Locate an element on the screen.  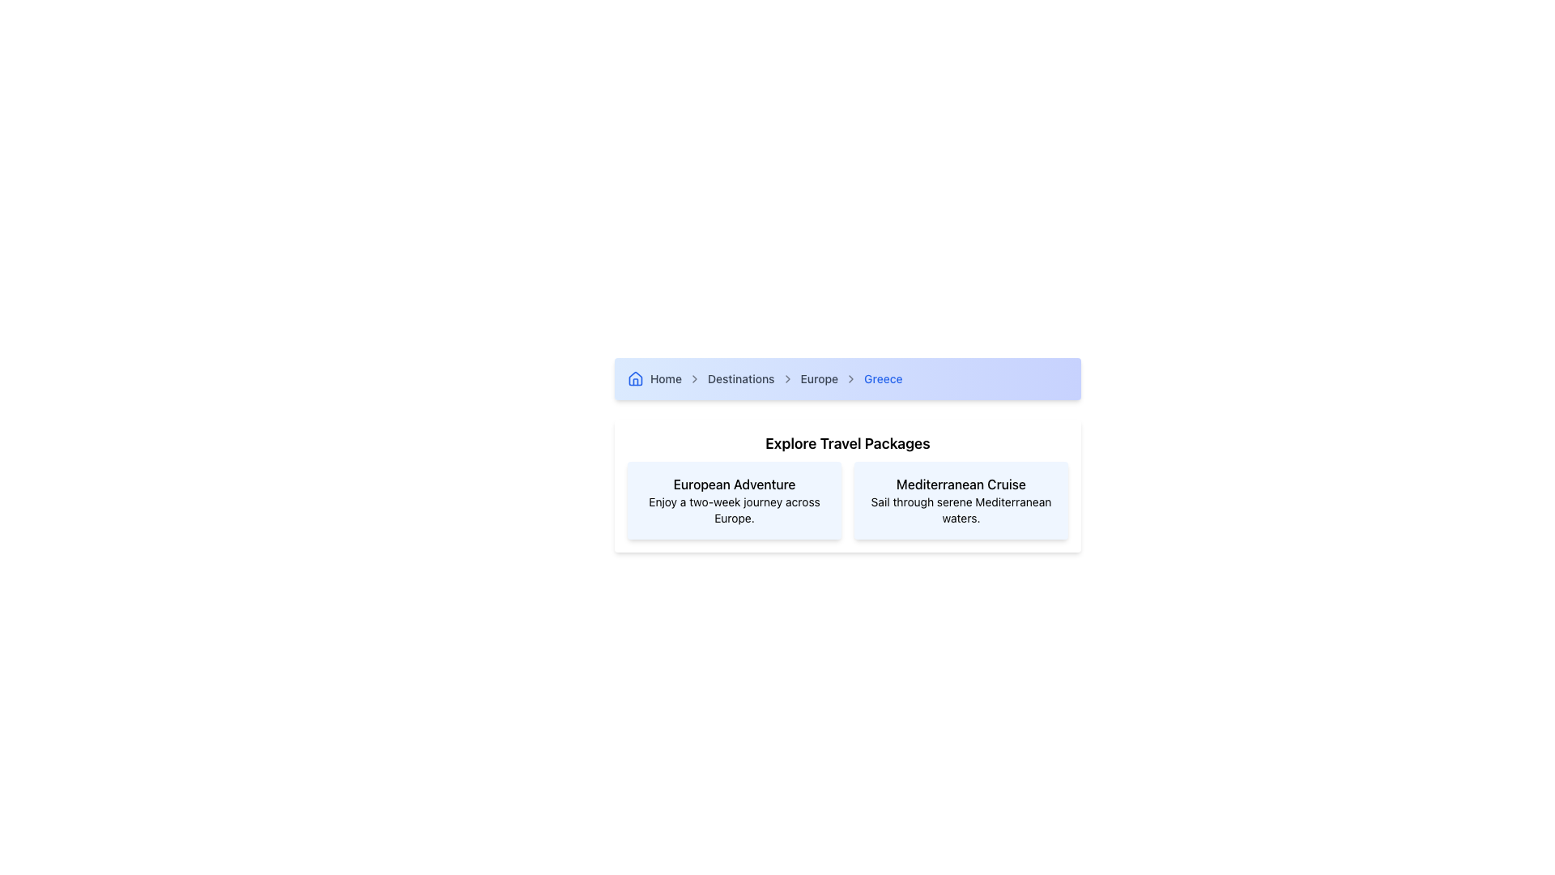
text label displaying the title of the travel package located in the leftmost card under 'Explore Travel Packages' is located at coordinates (734, 483).